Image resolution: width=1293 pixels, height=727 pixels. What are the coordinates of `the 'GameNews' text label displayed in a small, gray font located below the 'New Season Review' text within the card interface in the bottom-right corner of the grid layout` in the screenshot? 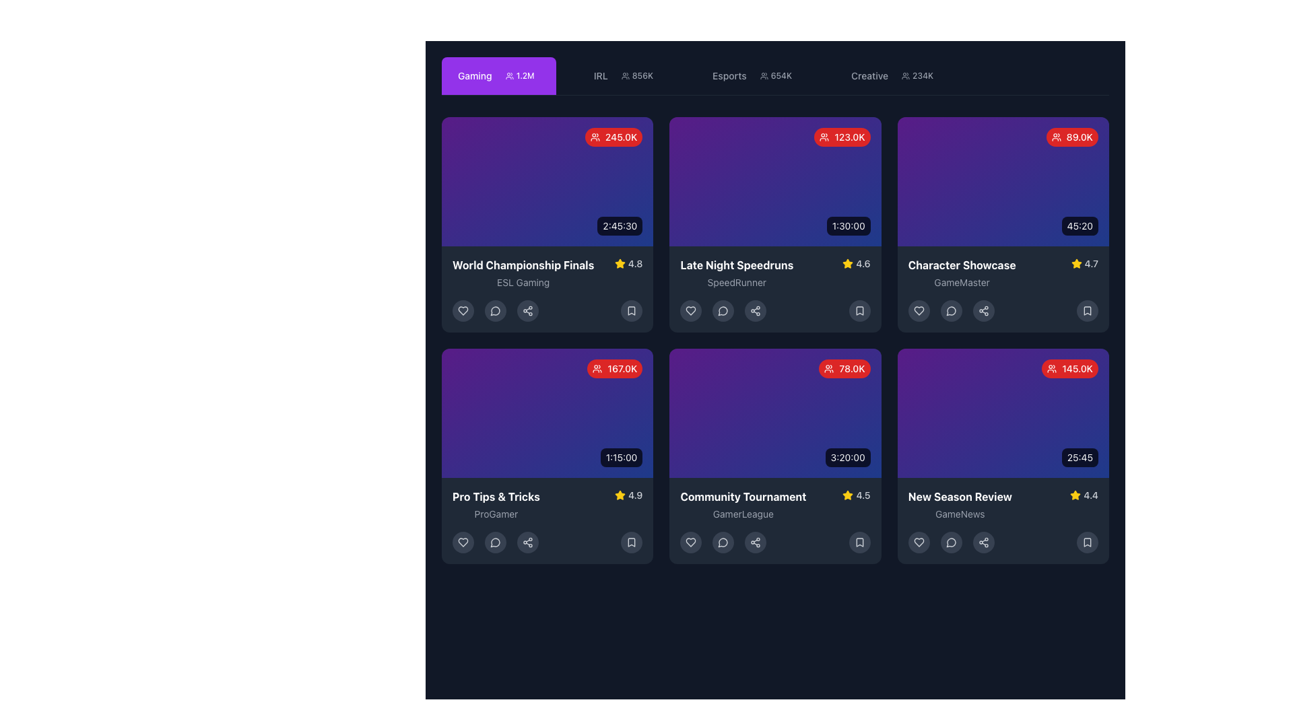 It's located at (959, 514).